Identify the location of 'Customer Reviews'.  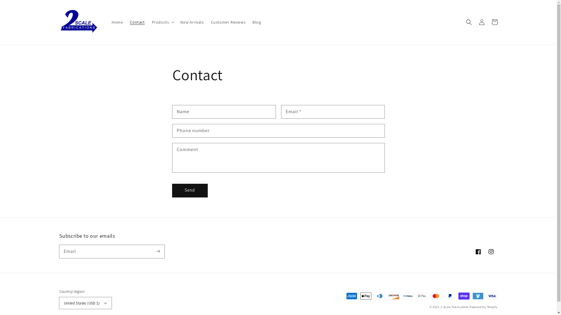
(228, 22).